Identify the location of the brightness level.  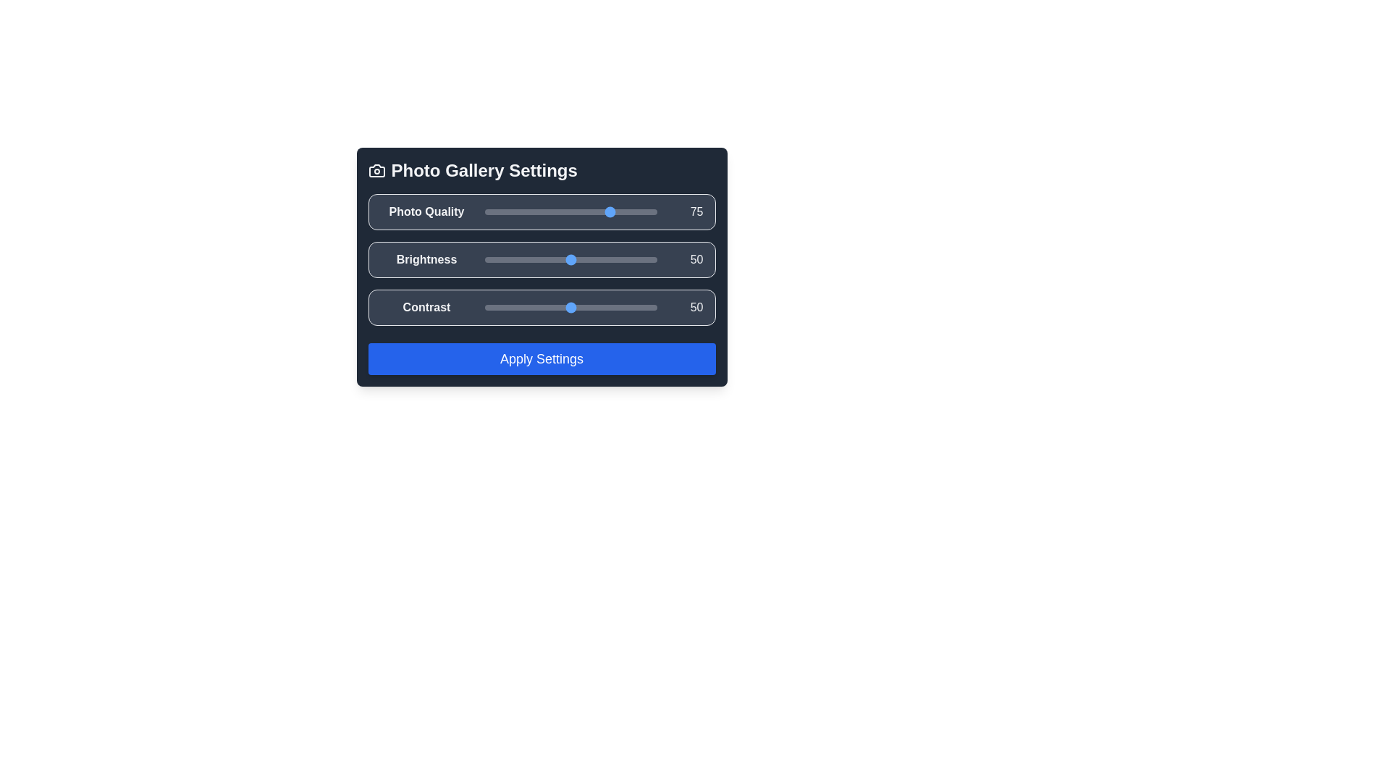
(497, 258).